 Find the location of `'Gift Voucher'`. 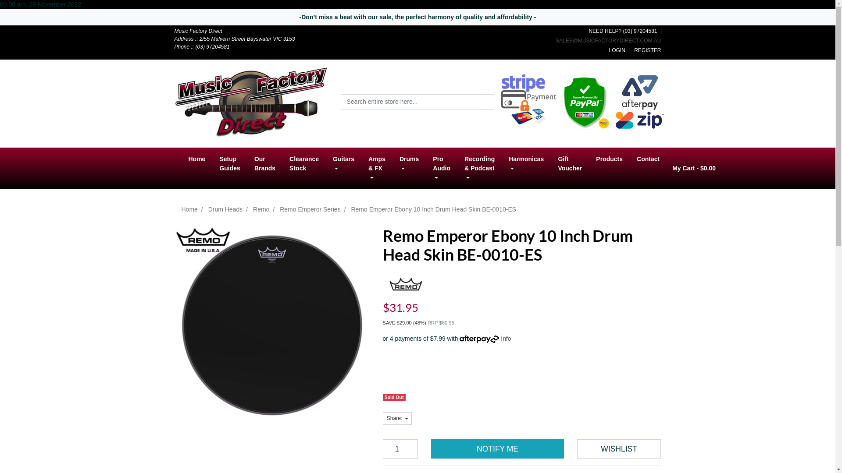

'Gift Voucher' is located at coordinates (550, 164).